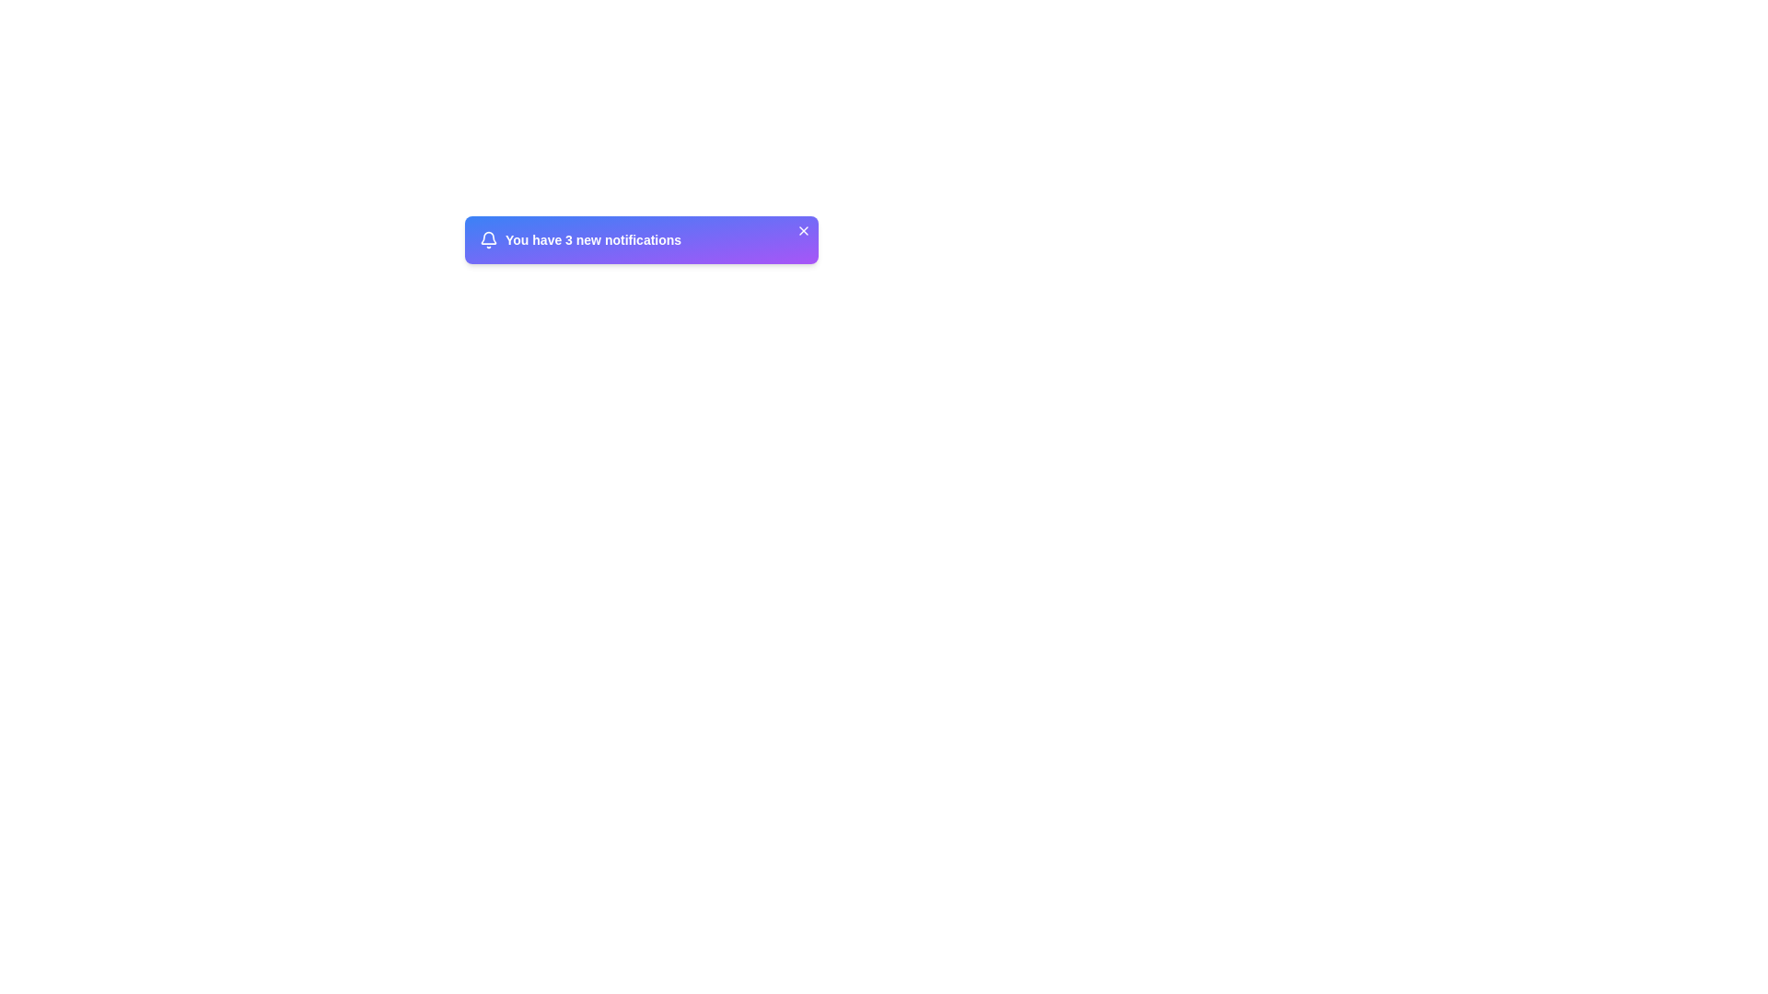  Describe the element at coordinates (593, 239) in the screenshot. I see `text label displaying 'You have 3 new notifications' which is bold and located within a gradient blue-purple notification box, positioned to the right of a bell icon` at that location.